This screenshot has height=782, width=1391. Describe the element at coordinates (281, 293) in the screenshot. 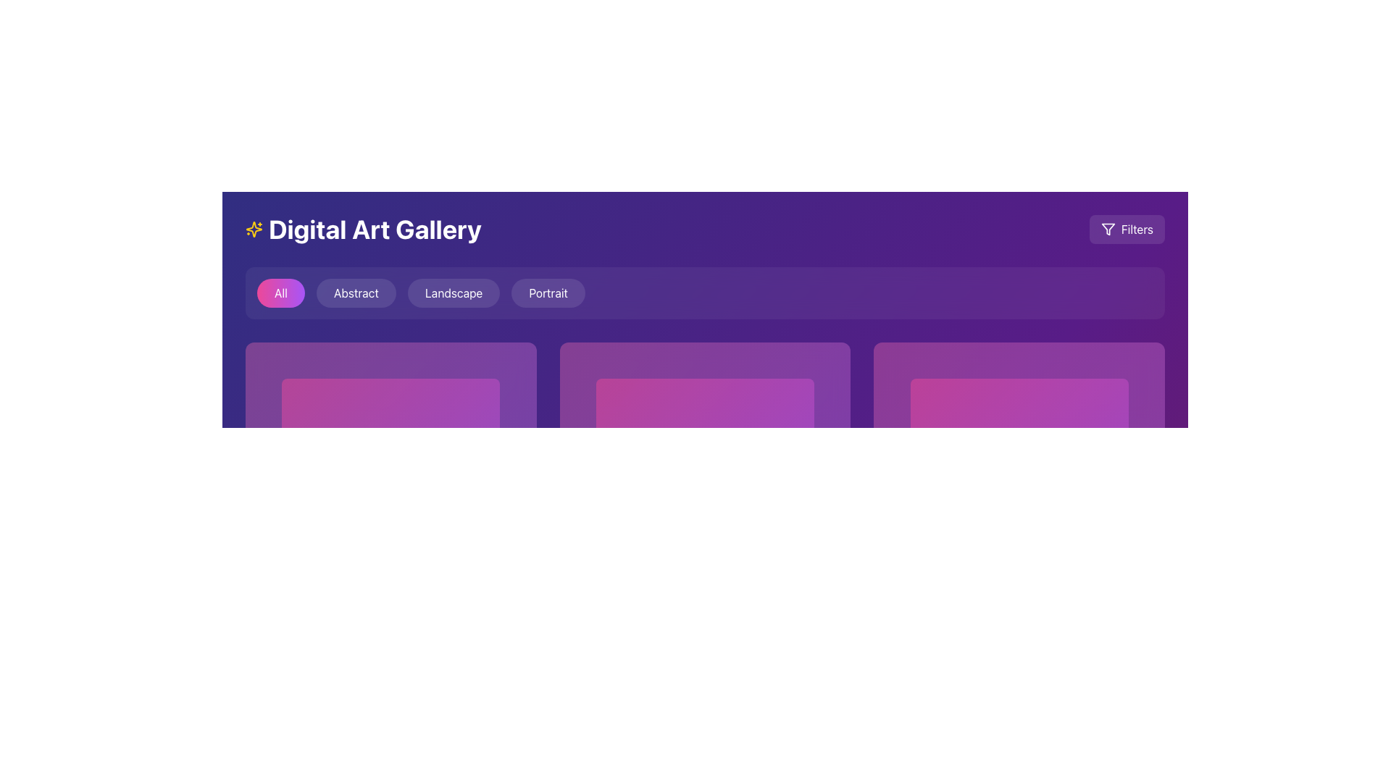

I see `the 'All' button, which is a rounded rectangular button with a gradient color scheme from pink to purple, located below the 'Digital Art Gallery' title, and to the left of the buttons labeled 'Abstract', 'Landscape', and 'Portrait'` at that location.